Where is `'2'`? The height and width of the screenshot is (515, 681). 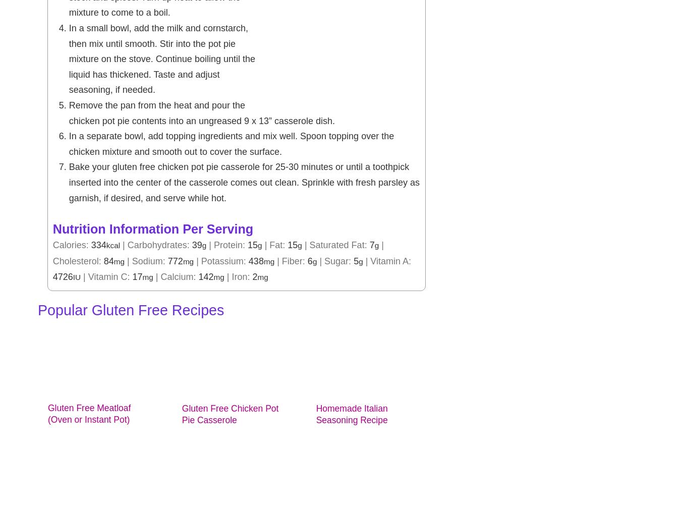 '2' is located at coordinates (254, 276).